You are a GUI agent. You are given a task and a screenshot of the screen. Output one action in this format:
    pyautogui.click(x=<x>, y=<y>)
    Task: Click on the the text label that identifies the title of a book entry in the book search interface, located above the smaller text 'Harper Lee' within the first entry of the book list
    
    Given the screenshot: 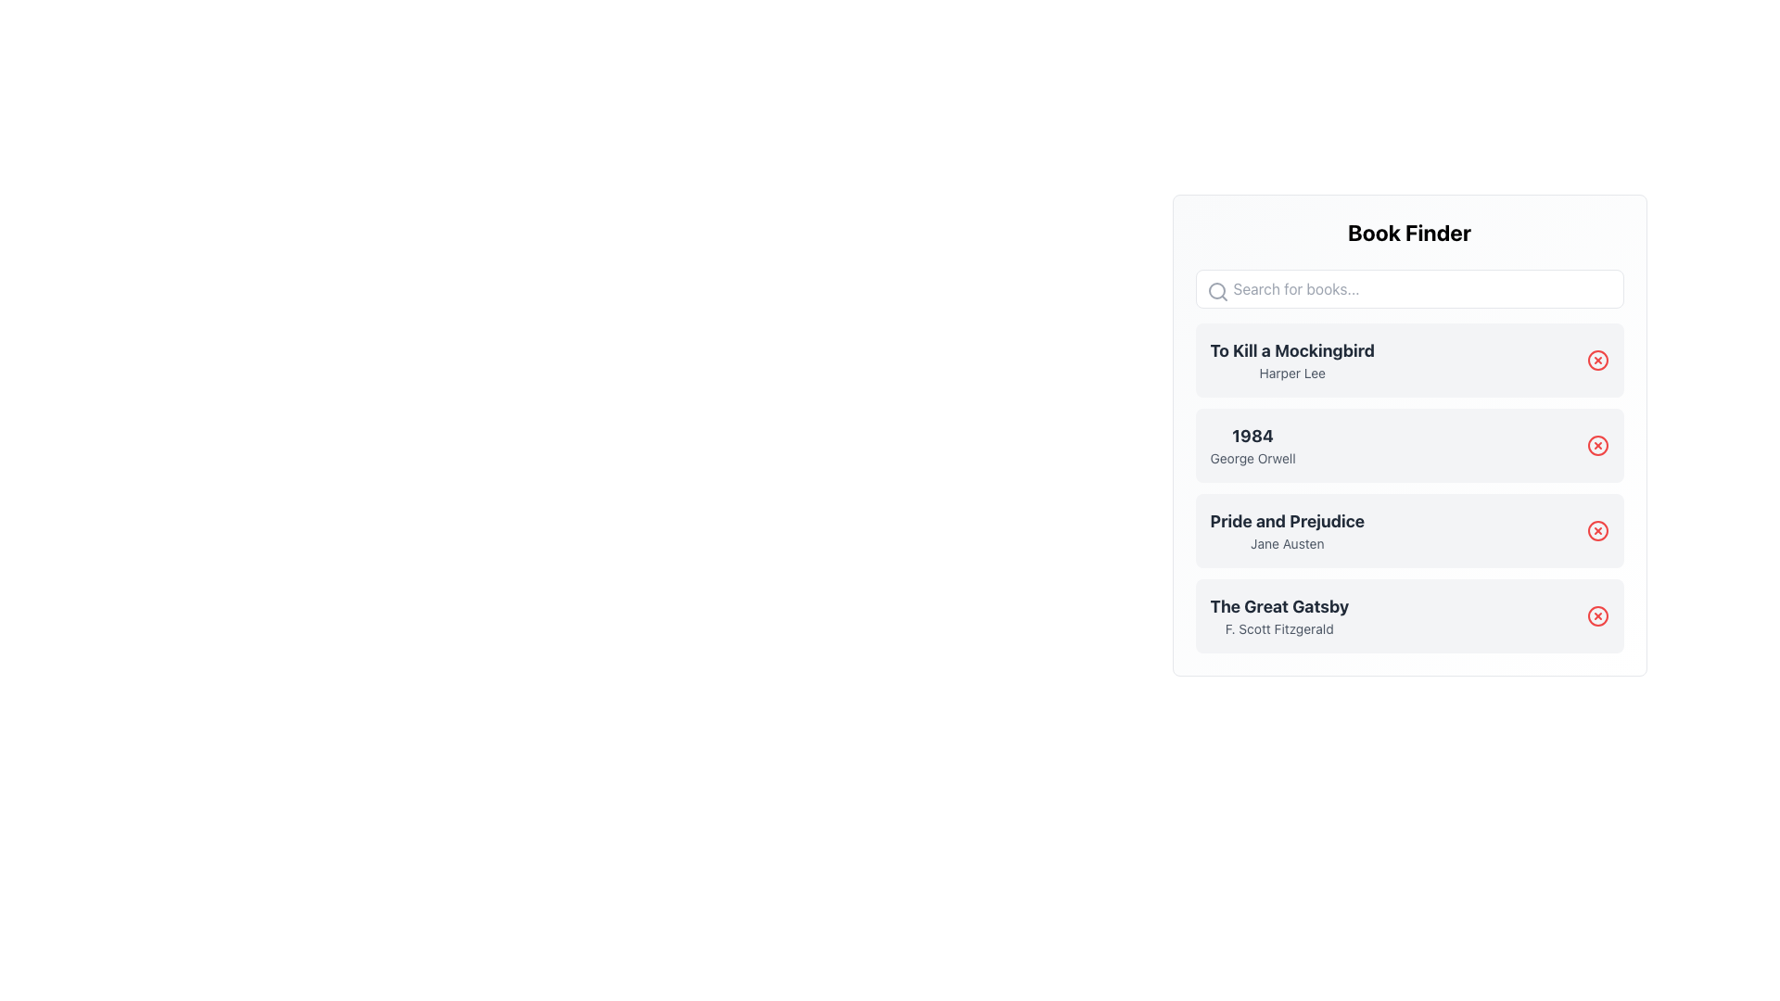 What is the action you would take?
    pyautogui.click(x=1291, y=350)
    